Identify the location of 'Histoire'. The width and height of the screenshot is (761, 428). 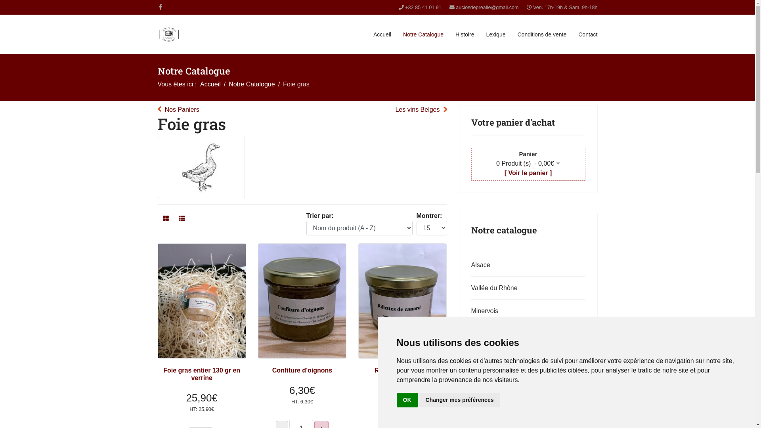
(465, 34).